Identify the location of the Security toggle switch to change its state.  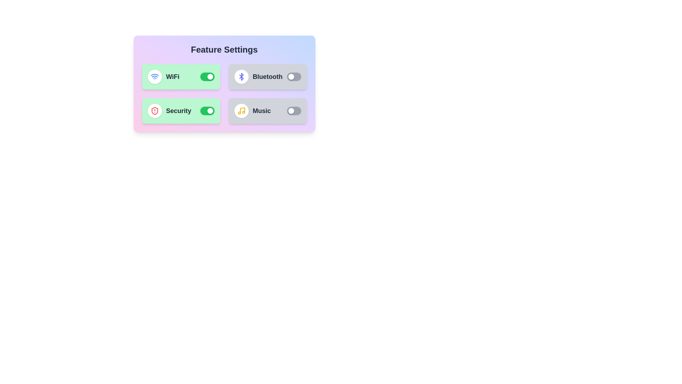
(207, 111).